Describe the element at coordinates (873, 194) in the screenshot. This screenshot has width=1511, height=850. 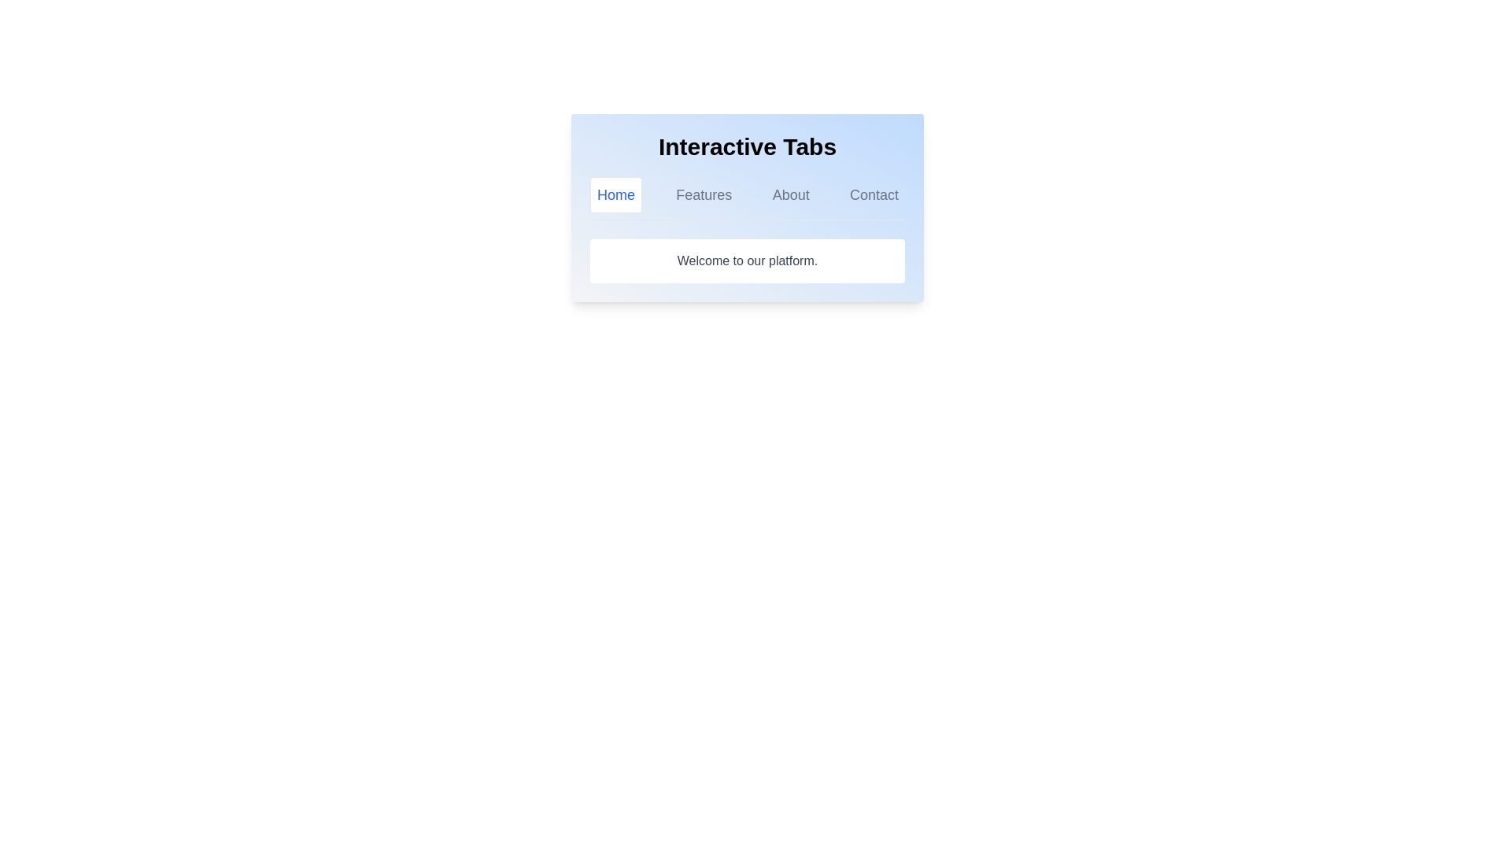
I see `the Contact tab by clicking on its label` at that location.